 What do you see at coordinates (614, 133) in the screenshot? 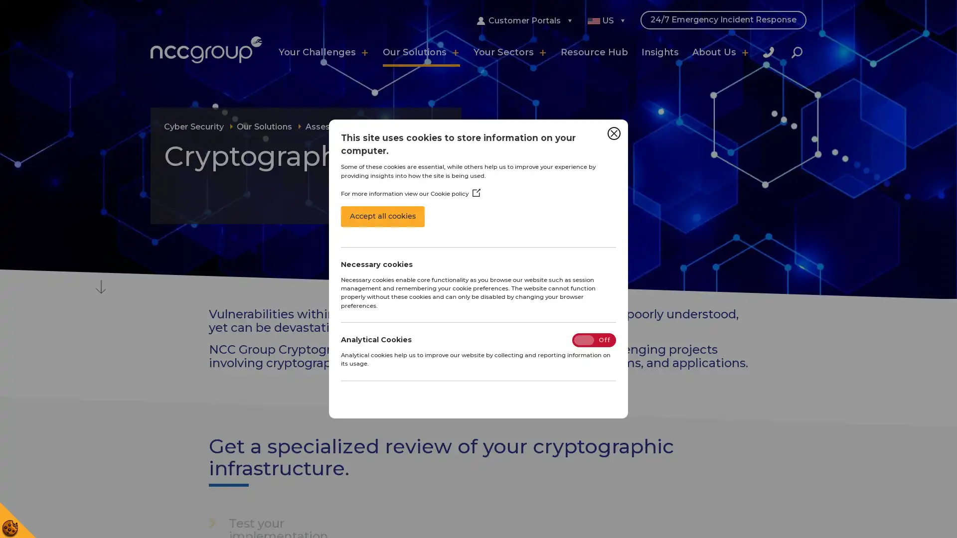
I see `Close Cookie Control` at bounding box center [614, 133].